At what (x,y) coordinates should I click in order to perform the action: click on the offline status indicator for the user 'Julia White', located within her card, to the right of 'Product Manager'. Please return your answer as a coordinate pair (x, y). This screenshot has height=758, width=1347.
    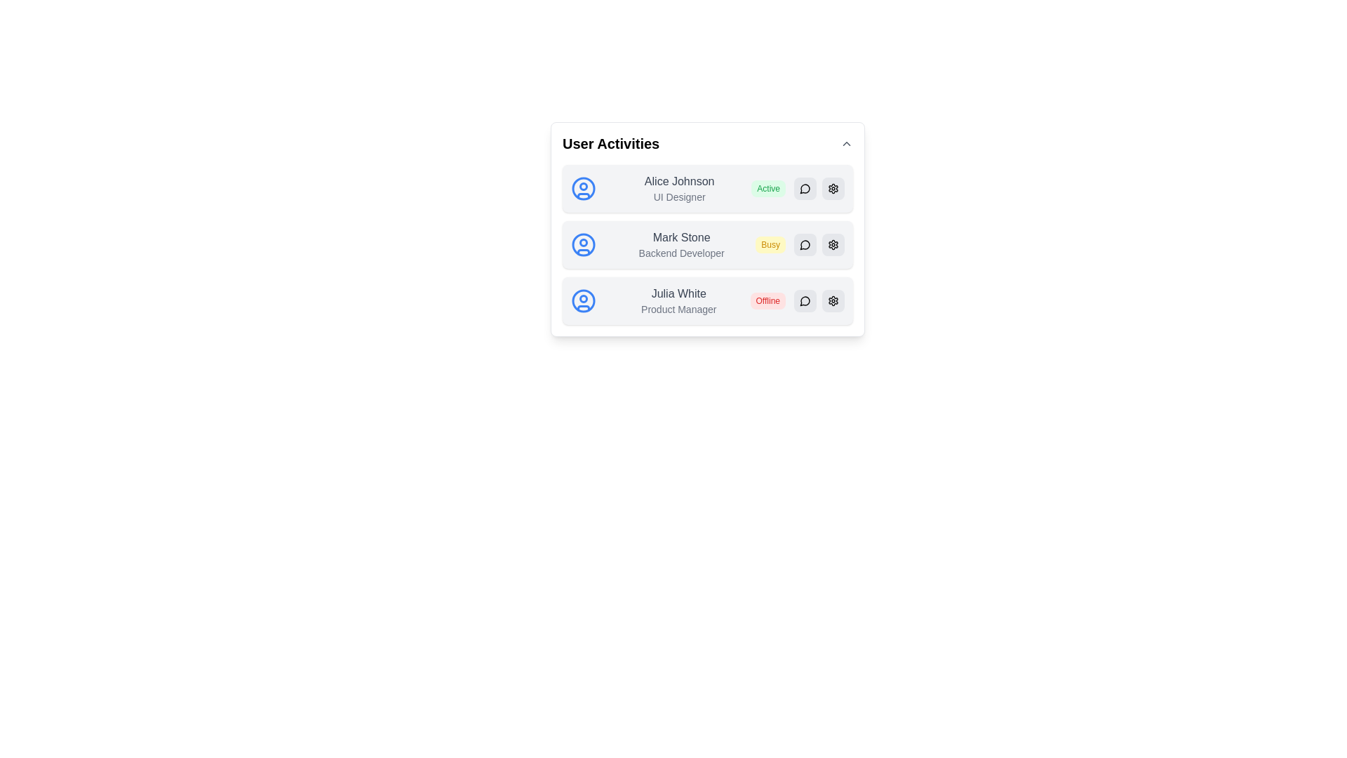
    Looking at the image, I should click on (767, 300).